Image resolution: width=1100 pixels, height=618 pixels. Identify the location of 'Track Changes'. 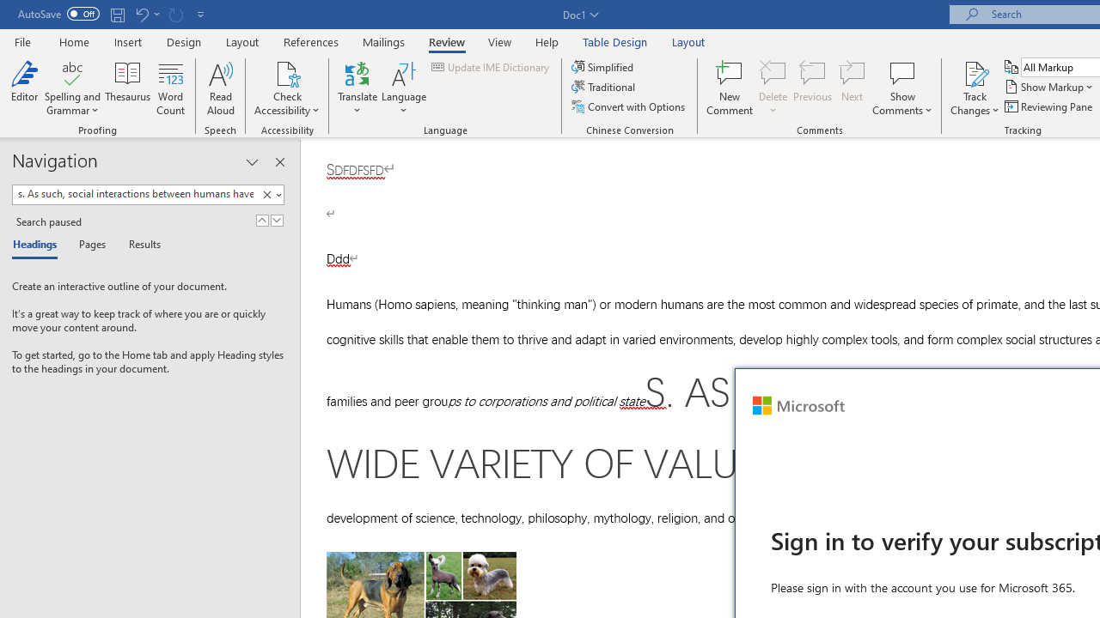
(975, 88).